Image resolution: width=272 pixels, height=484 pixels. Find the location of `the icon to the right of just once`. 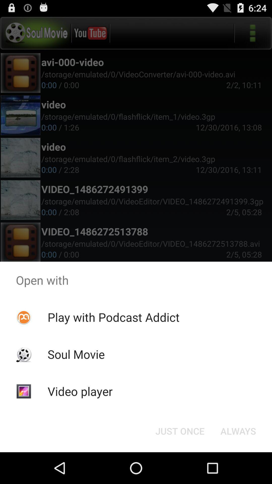

the icon to the right of just once is located at coordinates (238, 431).